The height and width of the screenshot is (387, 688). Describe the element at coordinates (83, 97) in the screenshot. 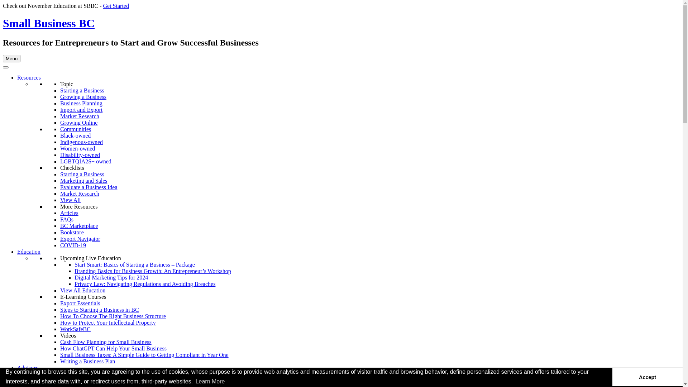

I see `'Growing a Business'` at that location.